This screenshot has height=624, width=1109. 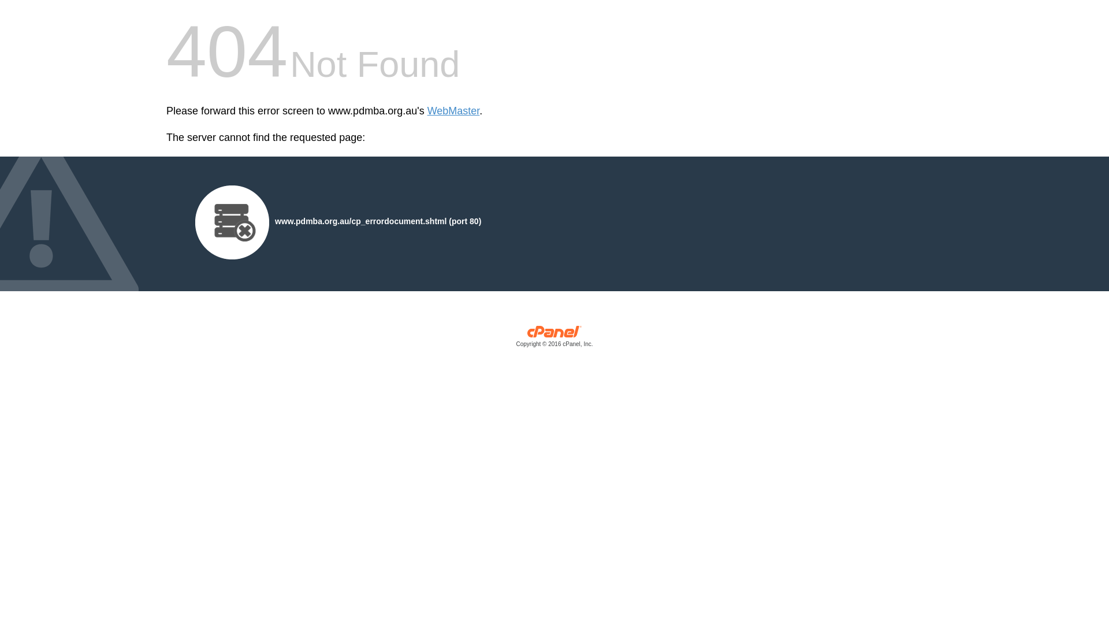 What do you see at coordinates (453, 111) in the screenshot?
I see `'WebMaster'` at bounding box center [453, 111].